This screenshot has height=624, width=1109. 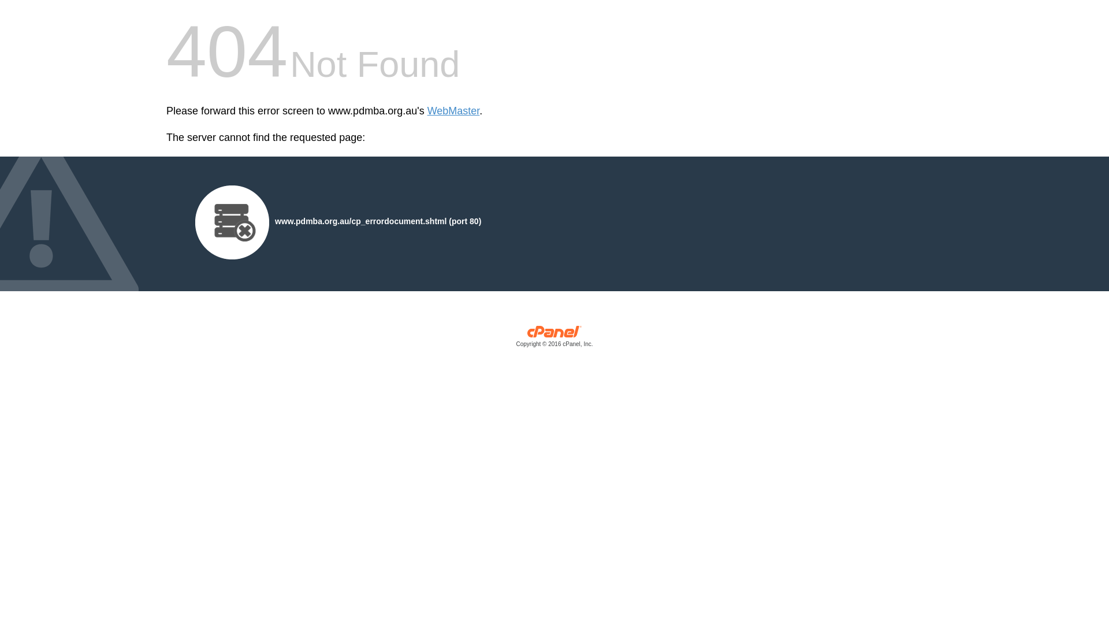 What do you see at coordinates (453, 111) in the screenshot?
I see `'WebMaster'` at bounding box center [453, 111].